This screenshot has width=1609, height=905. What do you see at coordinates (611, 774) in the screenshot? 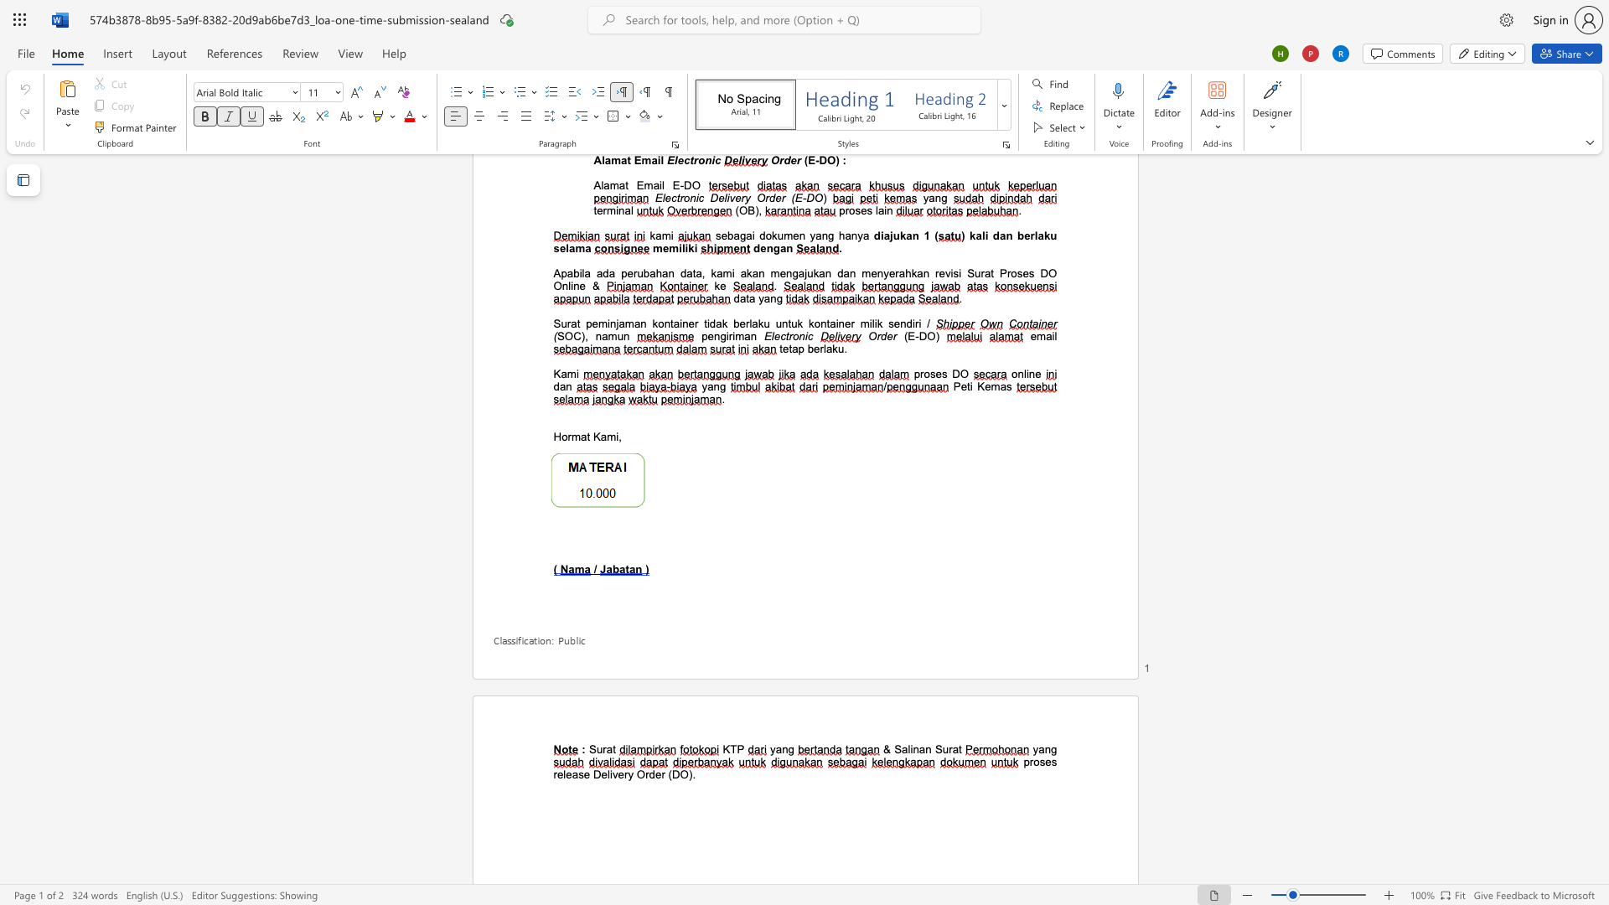
I see `the subset text "very O" within the text "release Delivery Order (DO)"` at bounding box center [611, 774].